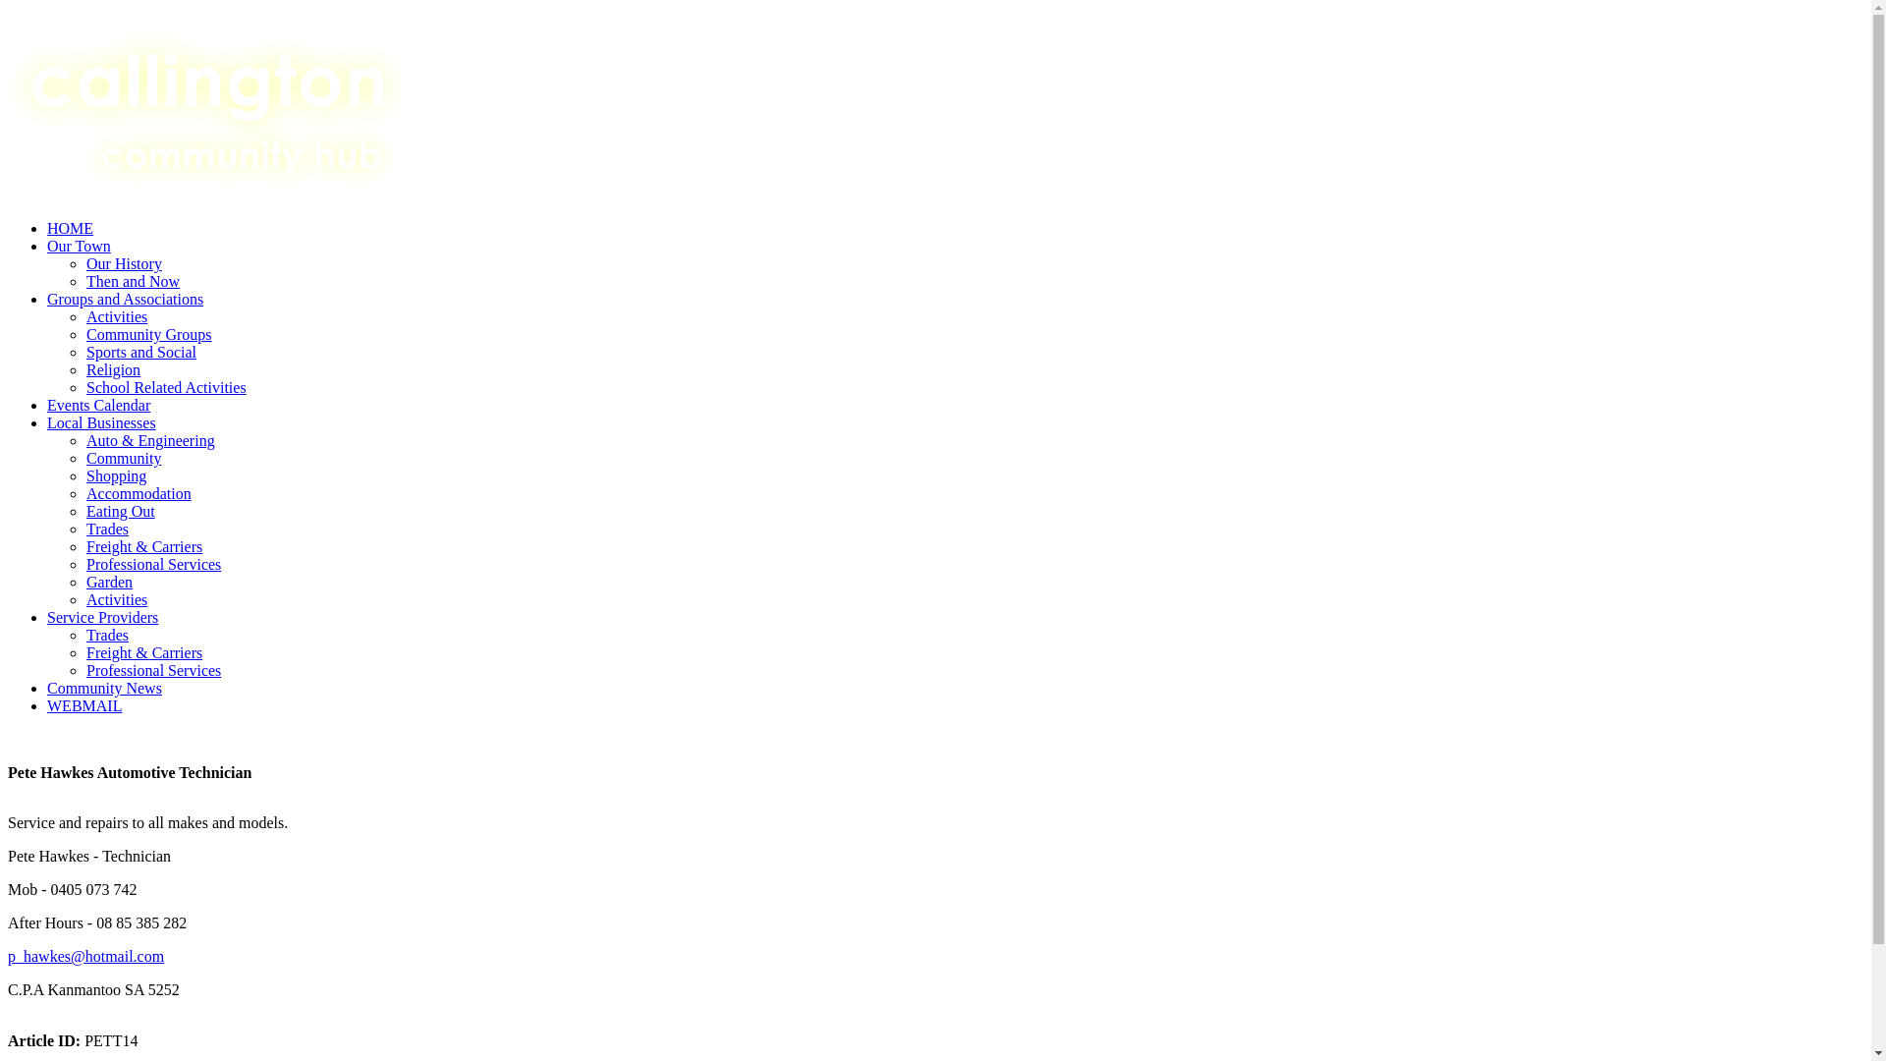  Describe the element at coordinates (122, 458) in the screenshot. I see `'Community'` at that location.